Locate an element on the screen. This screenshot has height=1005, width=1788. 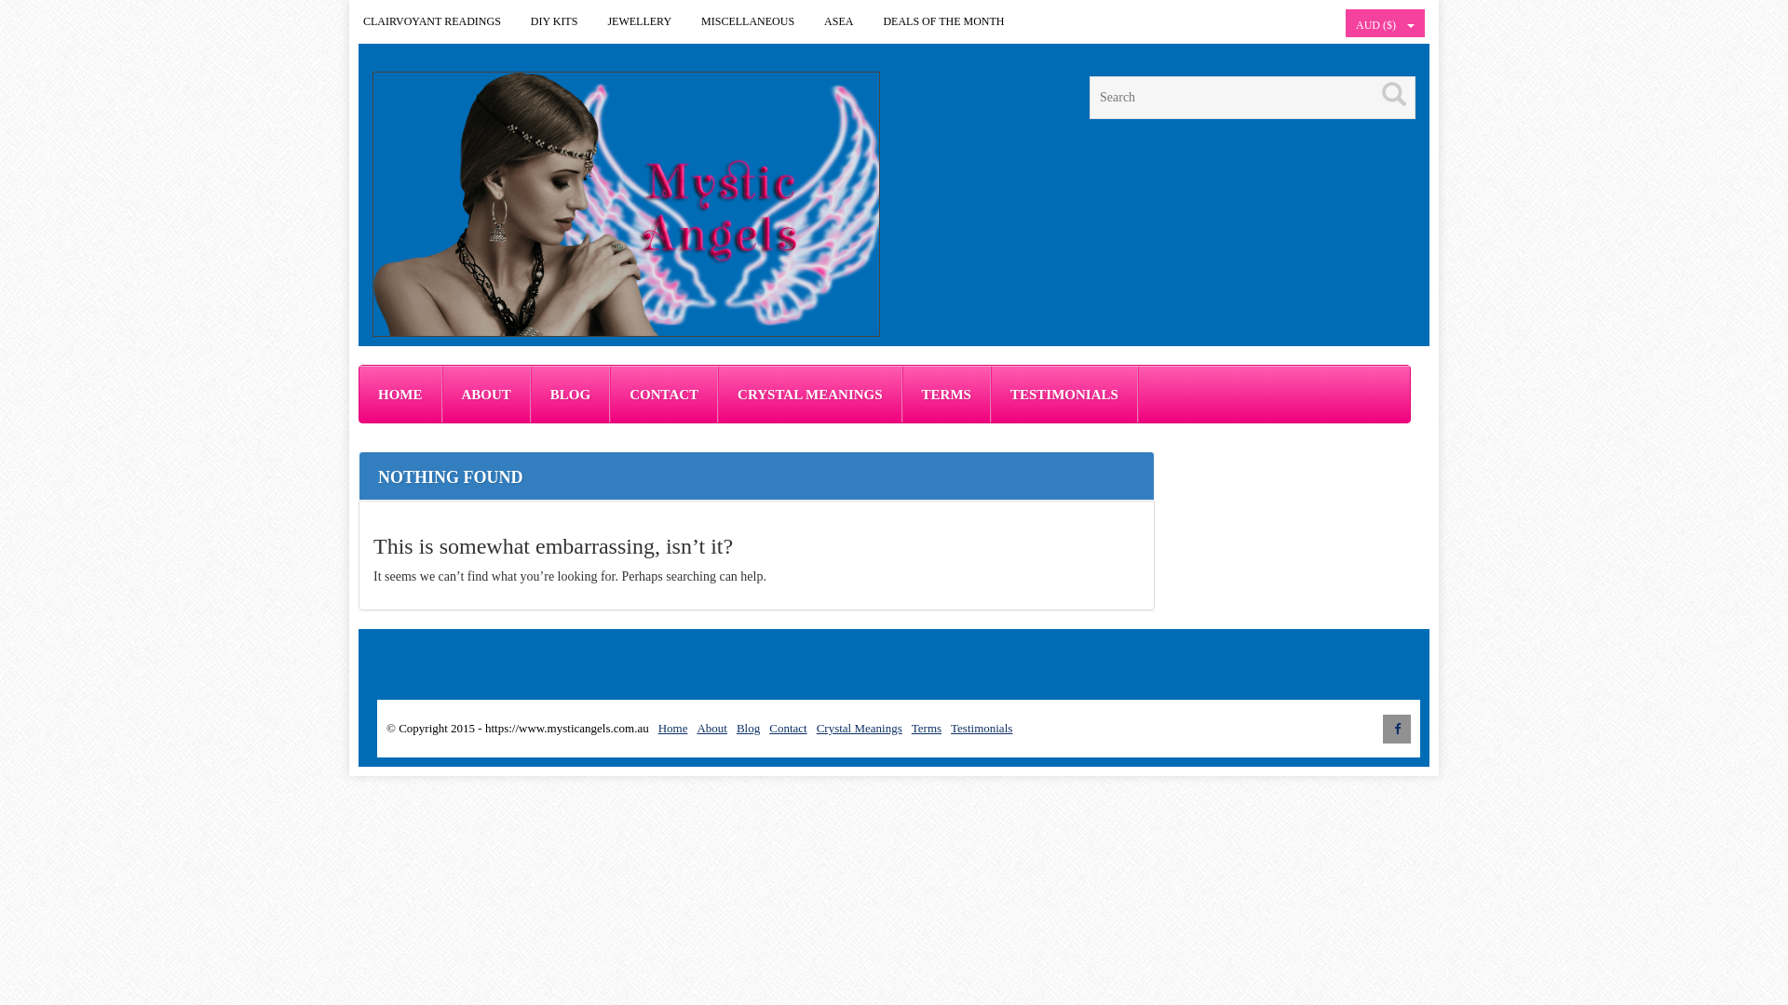
'CLAIRVOYANT READINGS' is located at coordinates (431, 21).